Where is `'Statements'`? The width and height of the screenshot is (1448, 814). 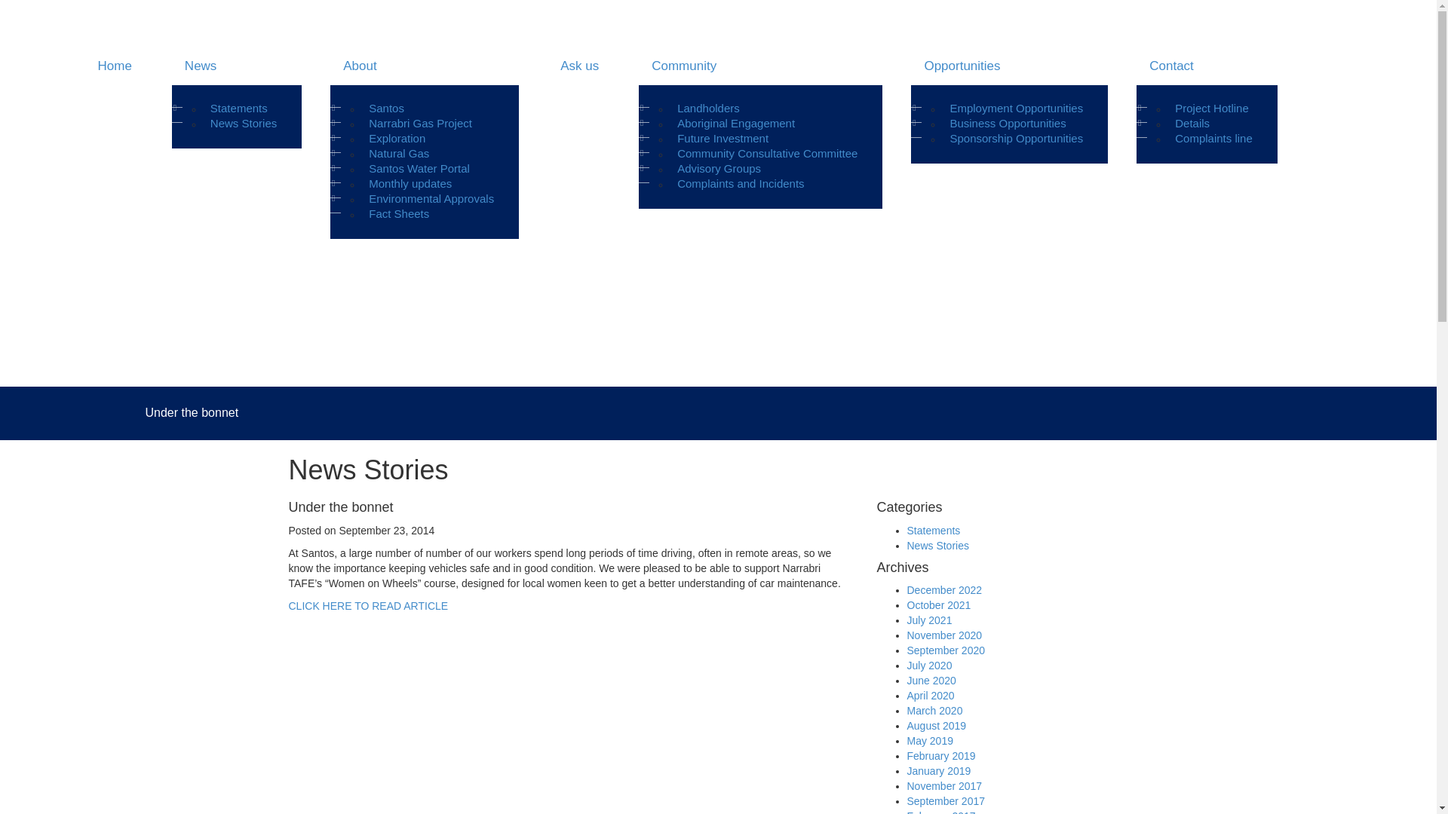
'Statements' is located at coordinates (238, 107).